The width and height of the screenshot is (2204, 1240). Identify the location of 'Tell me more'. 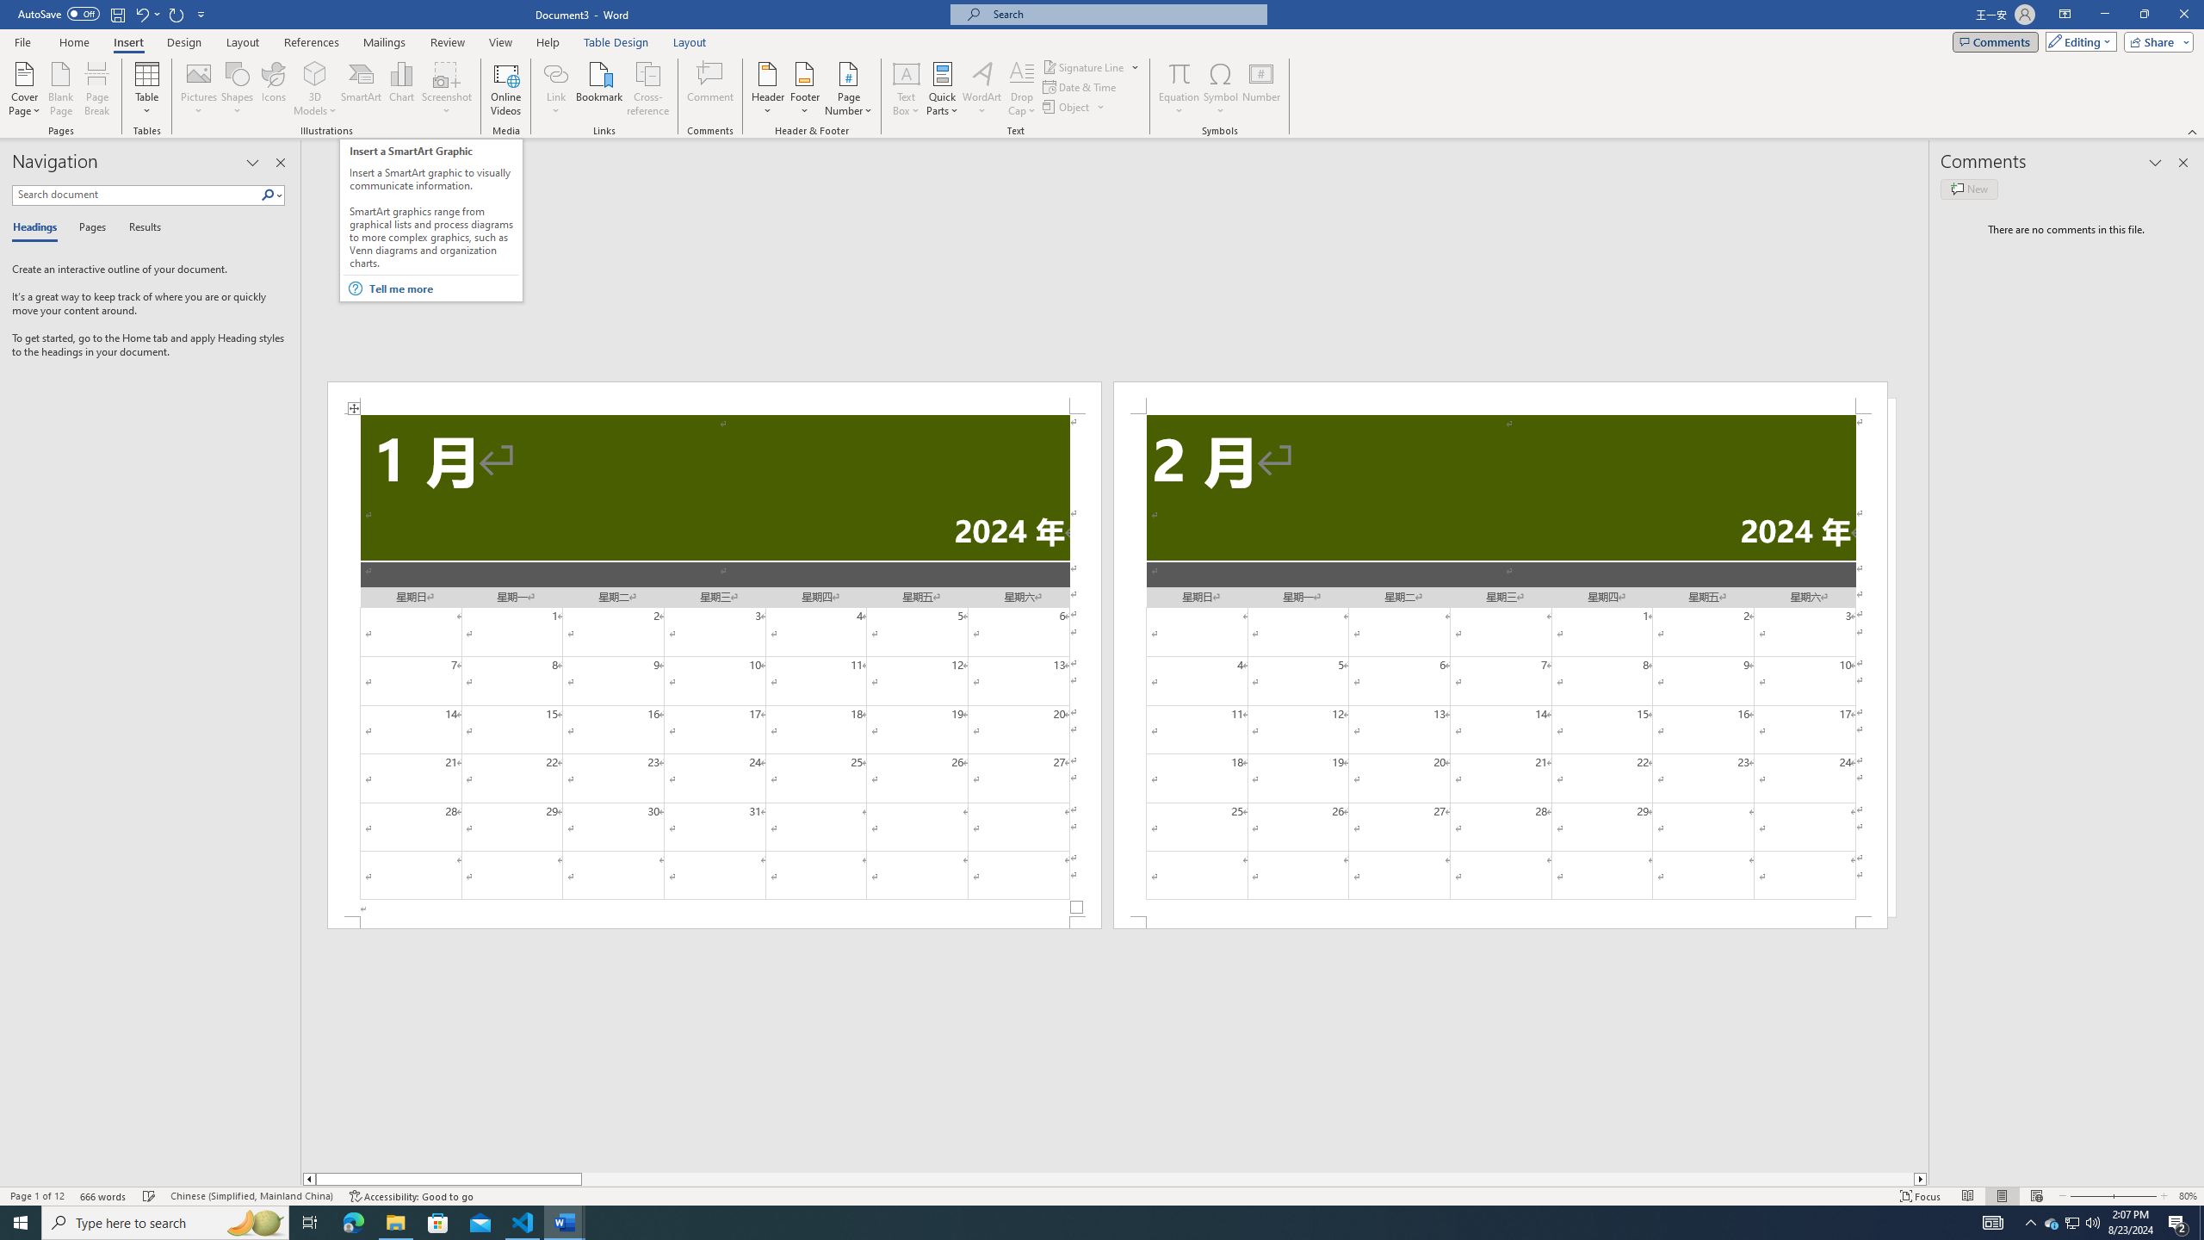
(443, 288).